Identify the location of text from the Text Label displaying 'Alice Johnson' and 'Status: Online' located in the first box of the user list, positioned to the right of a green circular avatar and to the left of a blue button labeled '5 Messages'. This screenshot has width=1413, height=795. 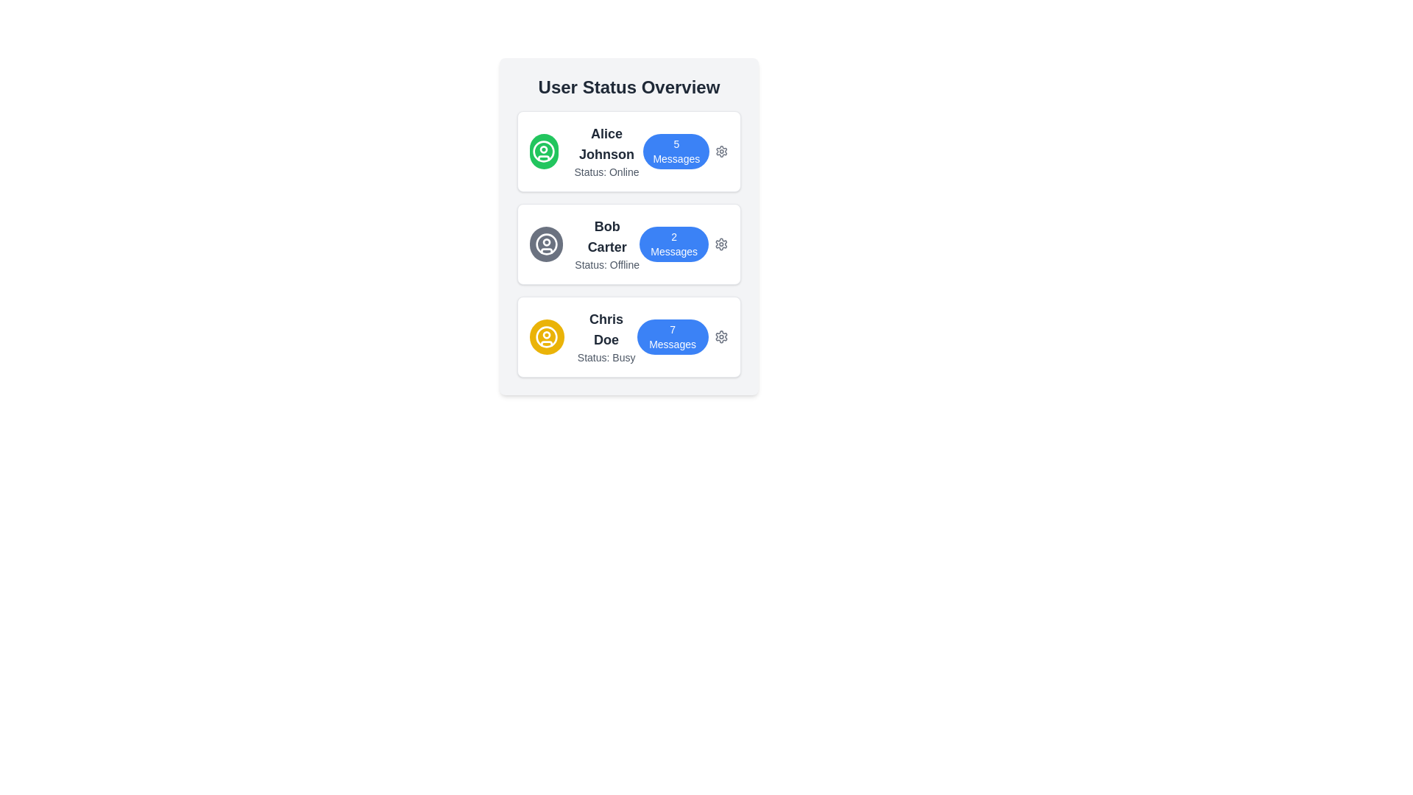
(606, 151).